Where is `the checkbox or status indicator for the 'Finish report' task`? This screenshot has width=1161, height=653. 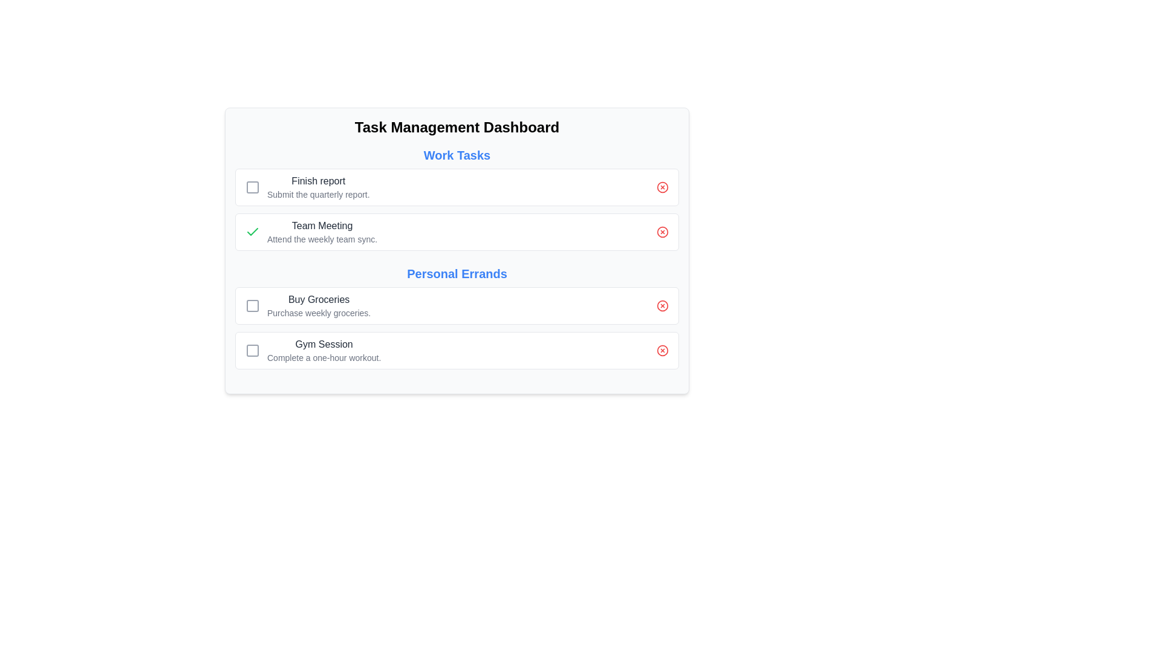
the checkbox or status indicator for the 'Finish report' task is located at coordinates (252, 187).